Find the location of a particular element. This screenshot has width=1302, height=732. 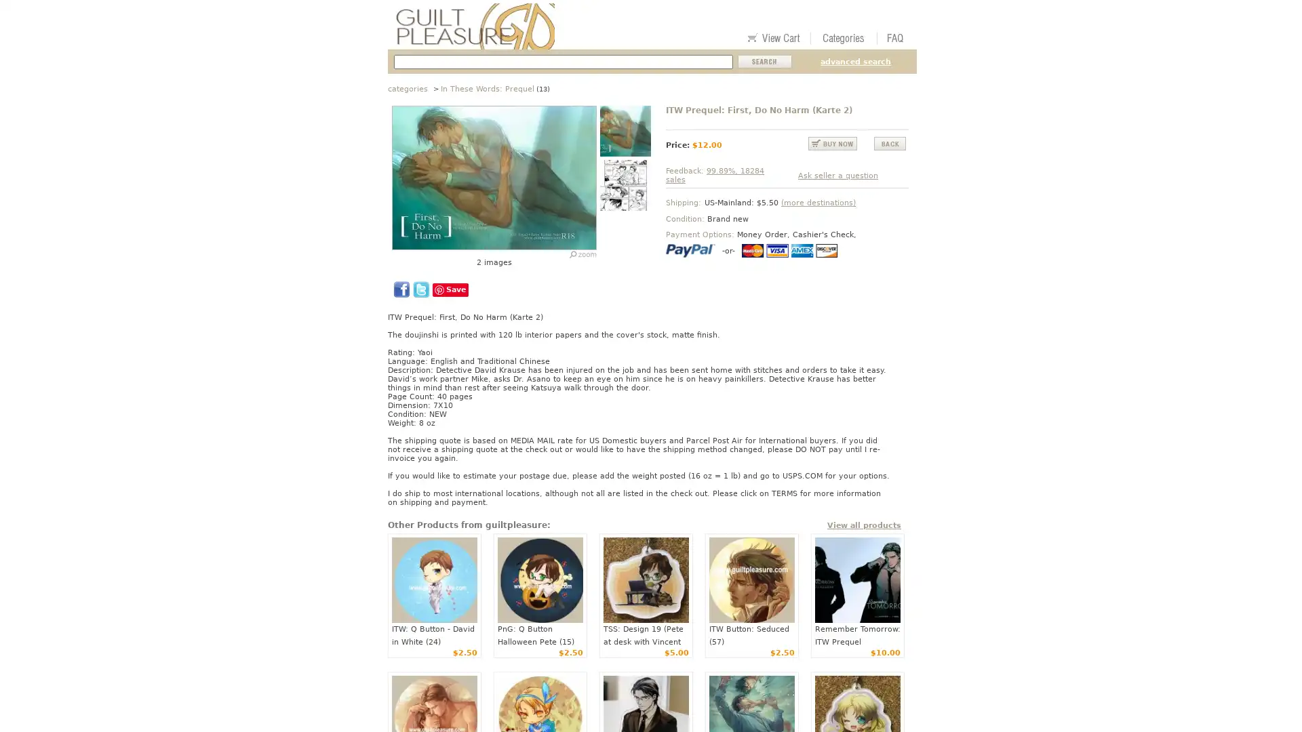

Submit is located at coordinates (765, 62).